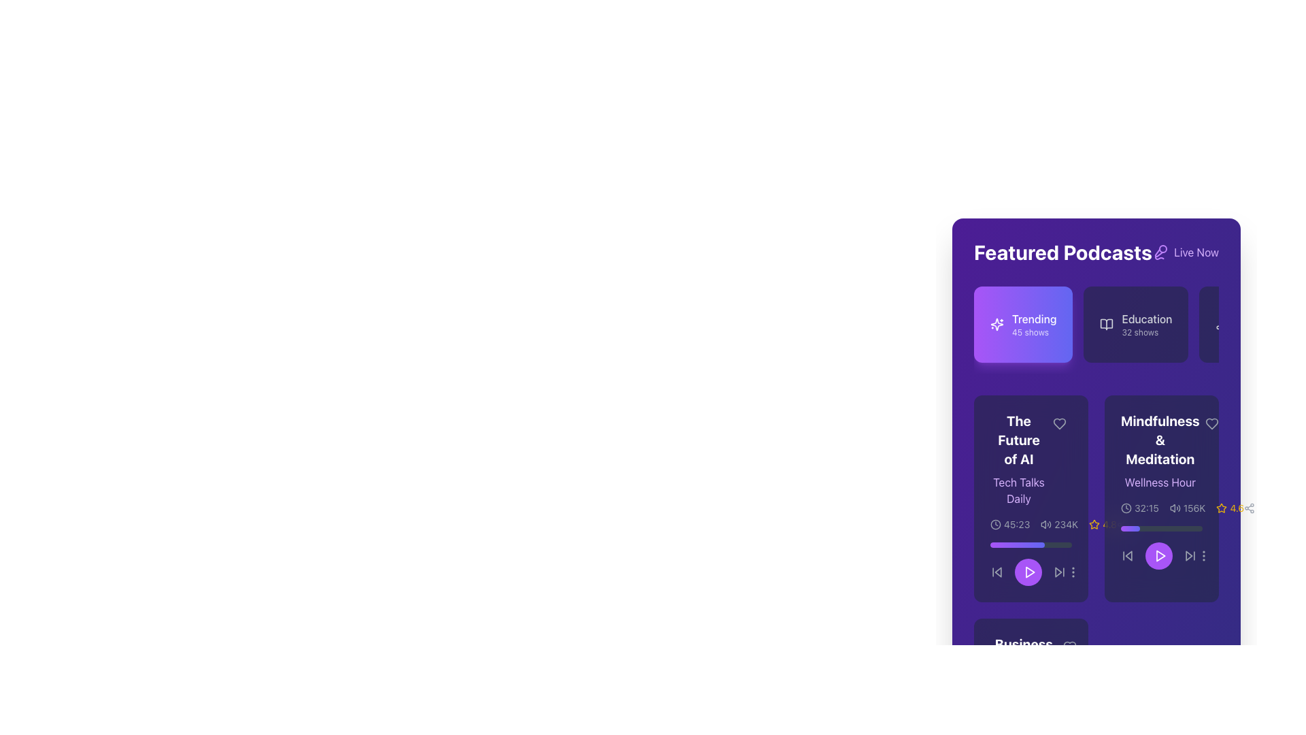 The height and width of the screenshot is (735, 1306). I want to click on the play button represented as a triangular SVG graphic within a circular purple button in the 'Mindfulness & Meditation' card section to initiate playback of the associated content, so click(1159, 556).